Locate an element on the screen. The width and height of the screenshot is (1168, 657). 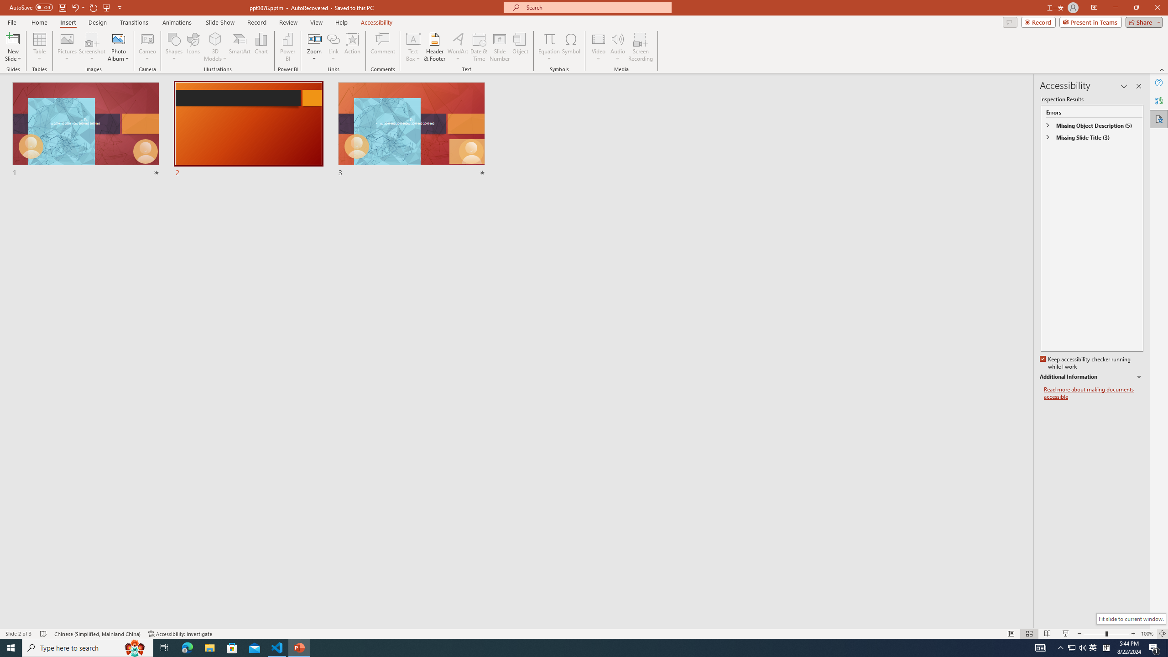
'Design' is located at coordinates (98, 22).